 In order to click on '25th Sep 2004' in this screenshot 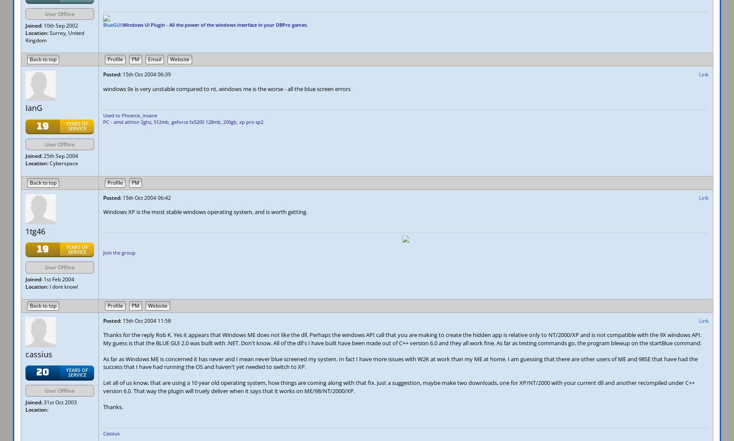, I will do `click(60, 156)`.